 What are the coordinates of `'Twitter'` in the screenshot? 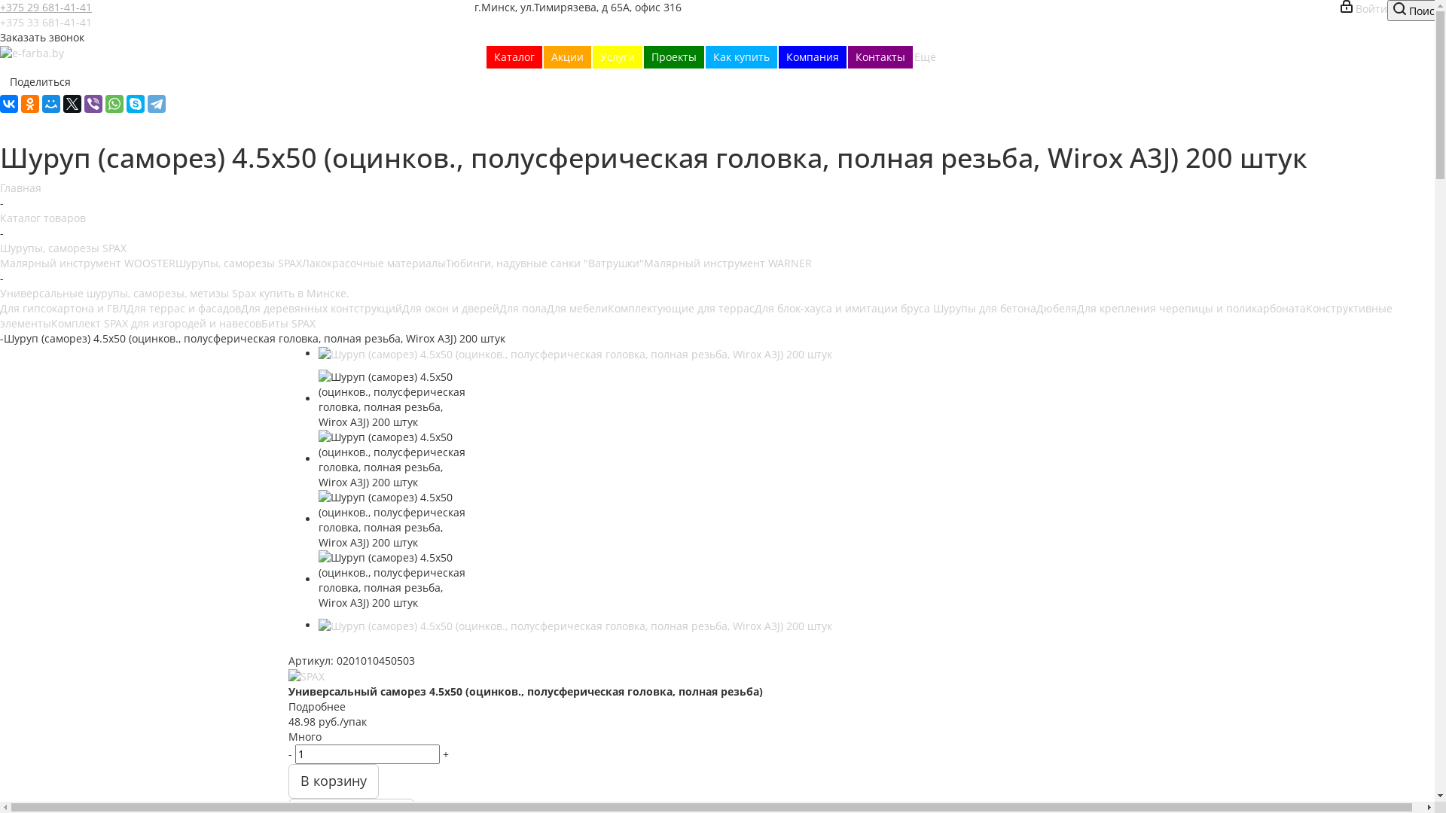 It's located at (72, 103).